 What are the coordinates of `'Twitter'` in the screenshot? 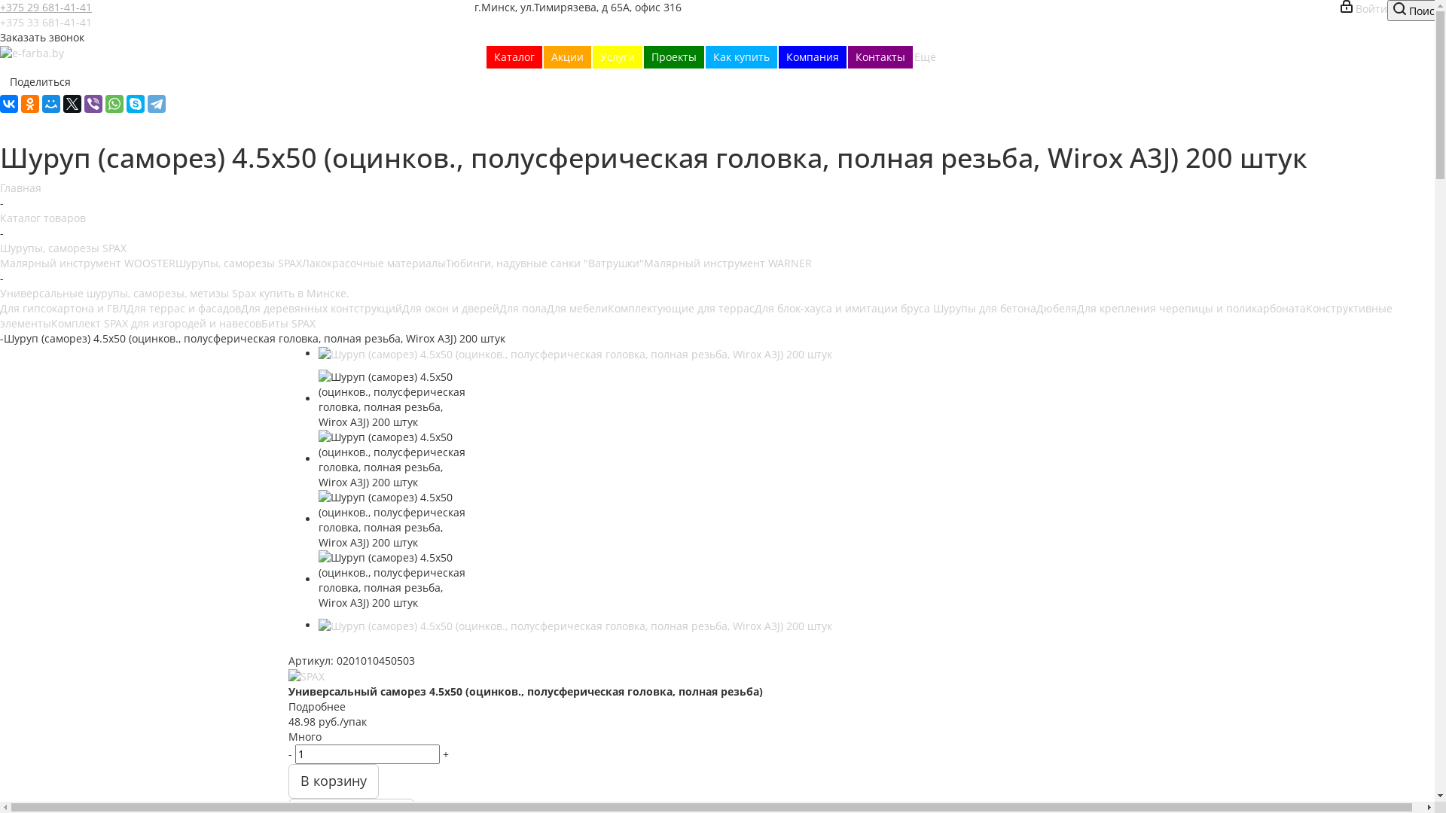 It's located at (72, 103).